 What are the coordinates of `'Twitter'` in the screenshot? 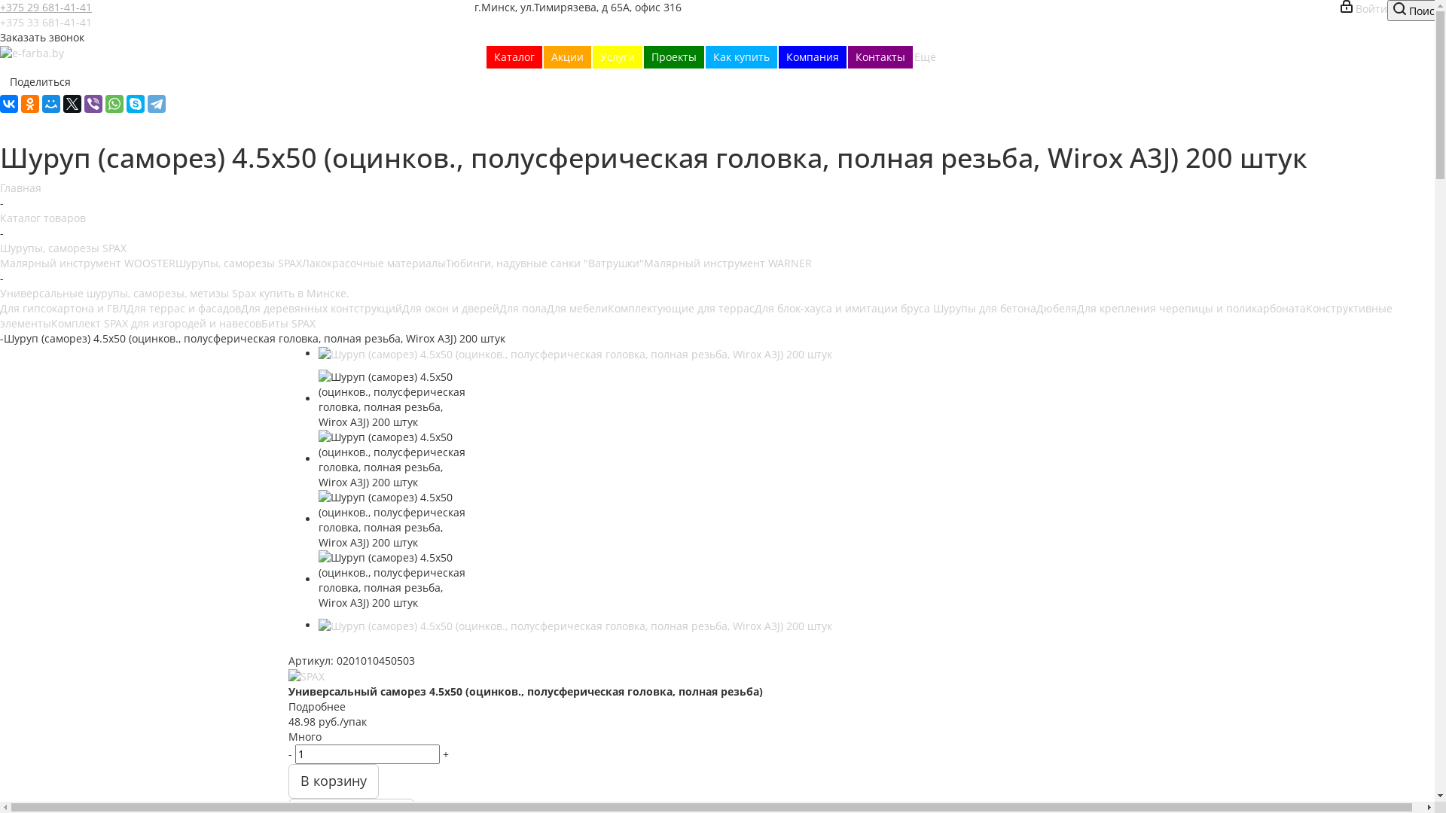 It's located at (72, 103).